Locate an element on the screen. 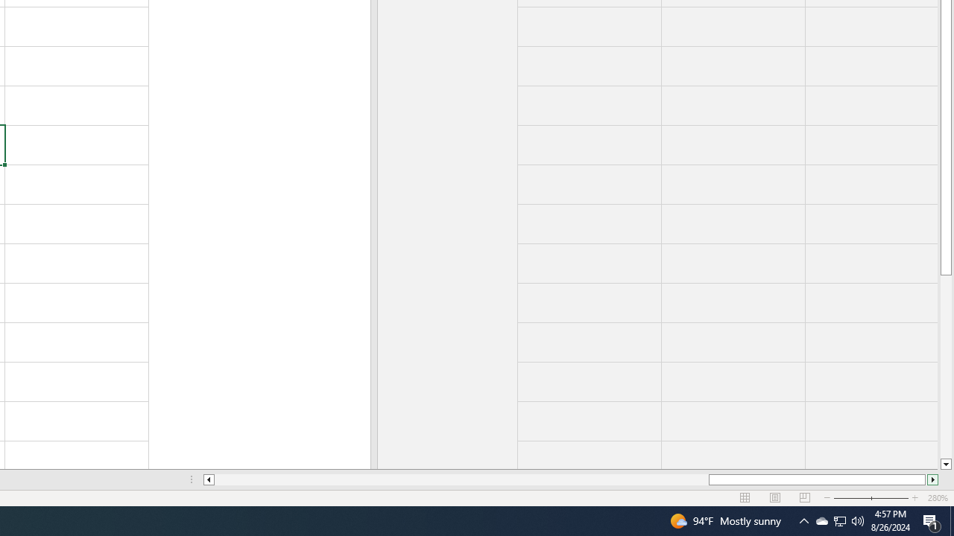 The width and height of the screenshot is (954, 536). 'Column right' is located at coordinates (932, 479).